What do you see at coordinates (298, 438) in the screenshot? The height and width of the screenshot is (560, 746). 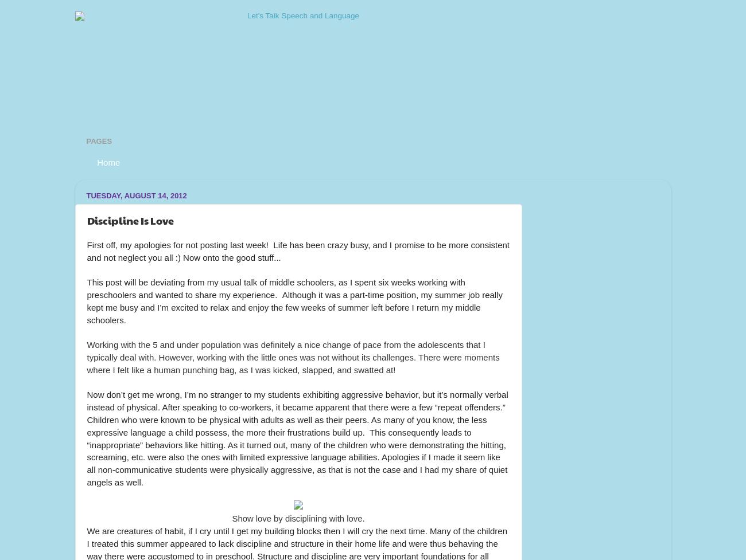 I see `'Now don’t get me wrong, I’m no stranger to my students exhibiting aggressive behavior, but it’s normally verbal instead of physical. After speaking to co-workers, it became apparent that there were a few “repeat offenders.” Children who were known to be physical with adults as well as their peers. As many of you know, the less expressive language a child possess, the more their frustrations build up.  This consequently leads to “inappropriate” behaviors like hitting. As it turned out, many of the children who were demonstrating the hitting, screaming, etc. were also the ones with limited expressive language abilities. Apologies if I made it seem like all non-communicative students were physically aggressive, as that is not the case and I had my share of quiet angels as well.'` at bounding box center [298, 438].